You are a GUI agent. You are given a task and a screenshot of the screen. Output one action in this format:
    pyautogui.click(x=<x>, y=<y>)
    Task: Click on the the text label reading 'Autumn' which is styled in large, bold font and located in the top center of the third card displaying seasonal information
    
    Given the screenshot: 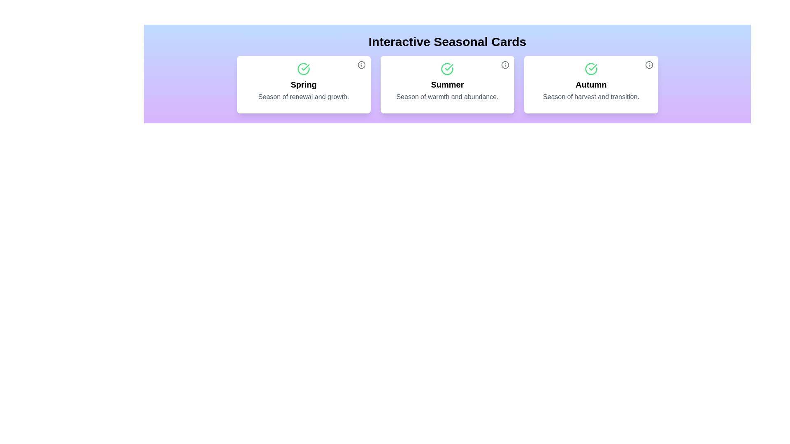 What is the action you would take?
    pyautogui.click(x=590, y=84)
    